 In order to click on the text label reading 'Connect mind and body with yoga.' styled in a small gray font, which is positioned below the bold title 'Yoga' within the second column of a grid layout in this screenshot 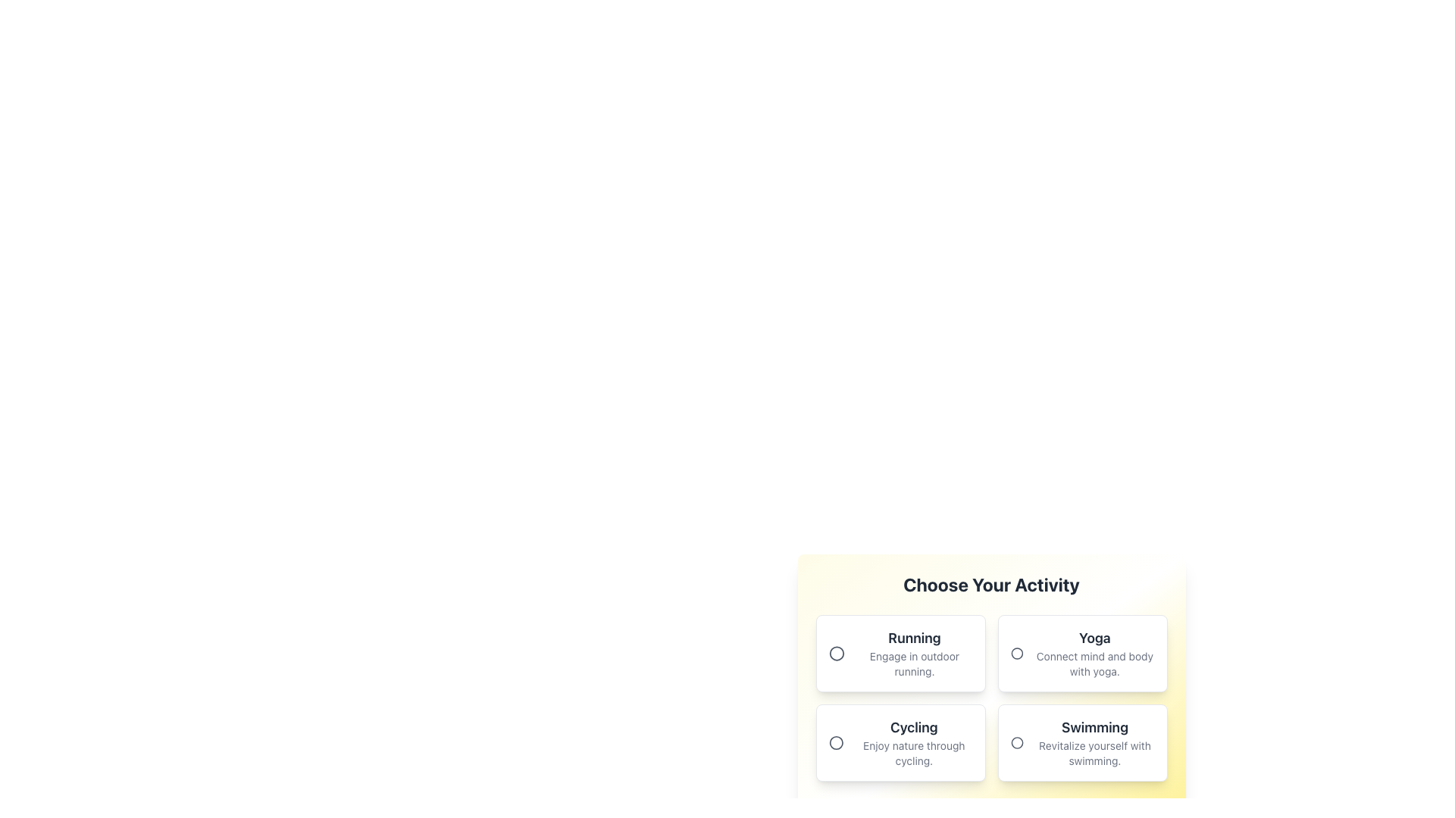, I will do `click(1094, 663)`.